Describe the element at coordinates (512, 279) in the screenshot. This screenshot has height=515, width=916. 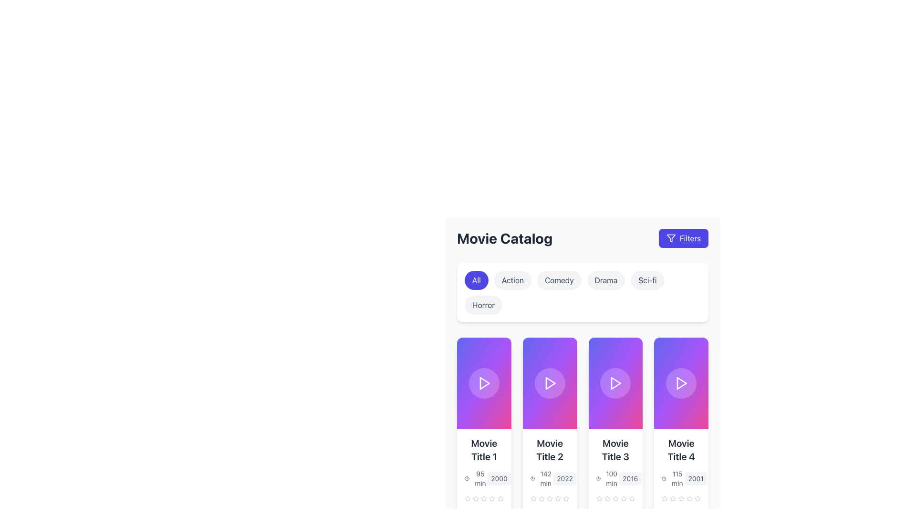
I see `the 'Action' category filter button in the movie catalog` at that location.